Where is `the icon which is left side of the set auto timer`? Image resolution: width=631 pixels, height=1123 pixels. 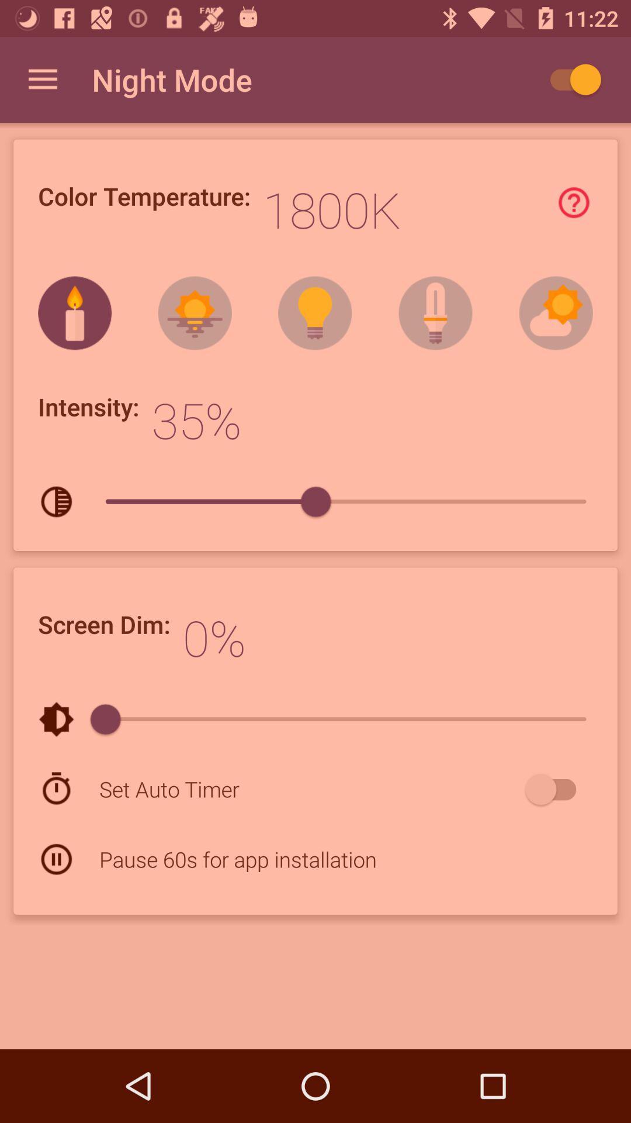 the icon which is left side of the set auto timer is located at coordinates (56, 789).